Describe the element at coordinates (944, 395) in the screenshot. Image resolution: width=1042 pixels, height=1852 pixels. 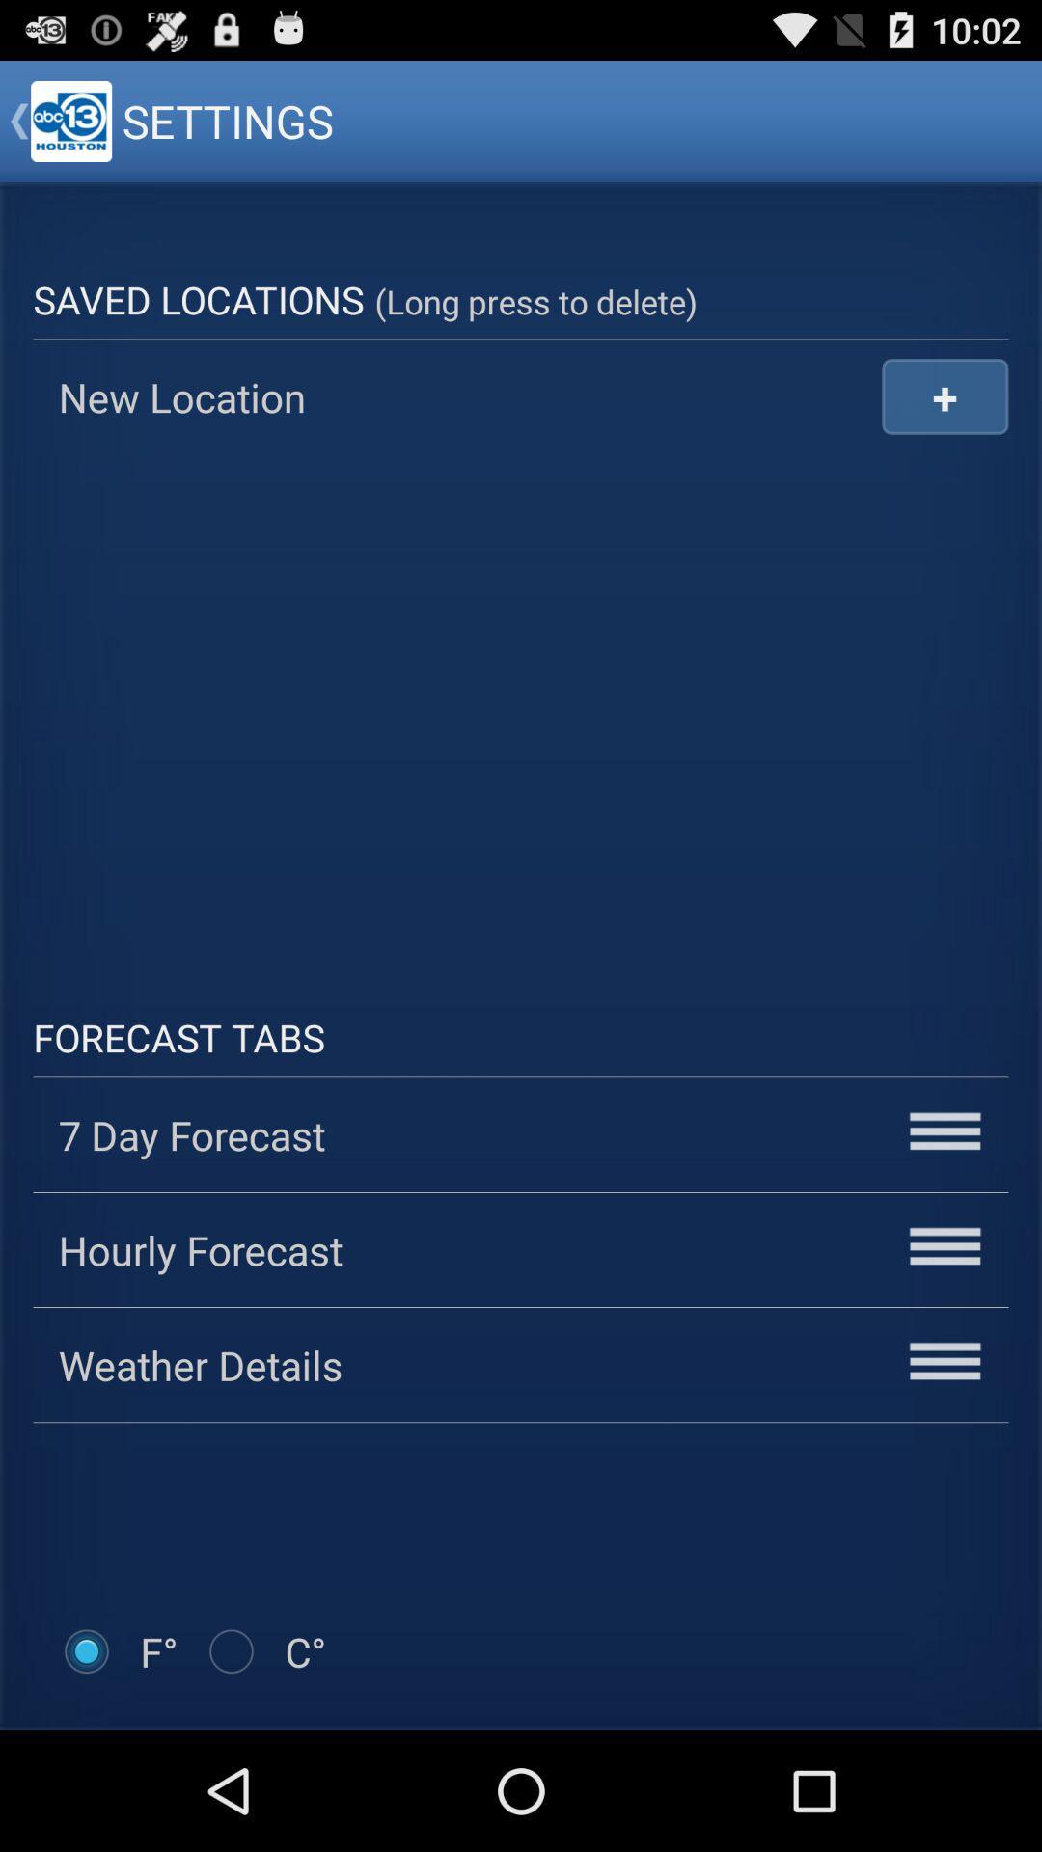
I see `the icon at the top right corner` at that location.